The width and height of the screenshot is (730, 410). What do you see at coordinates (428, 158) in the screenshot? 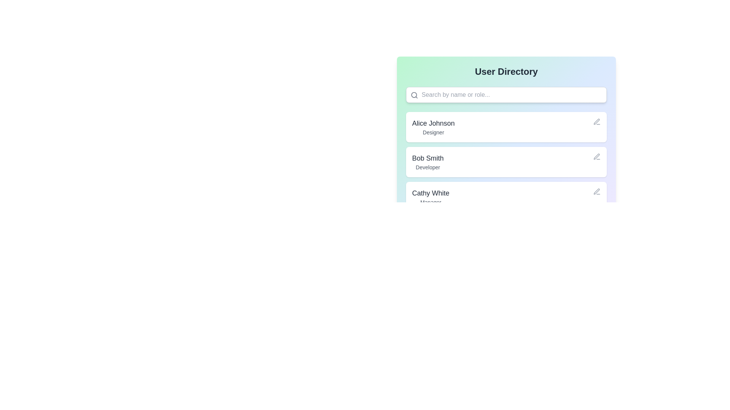
I see `the text label displaying 'Bob Smith' which is prominent and bold, located in the upper-left portion of the 'User Directory'` at bounding box center [428, 158].